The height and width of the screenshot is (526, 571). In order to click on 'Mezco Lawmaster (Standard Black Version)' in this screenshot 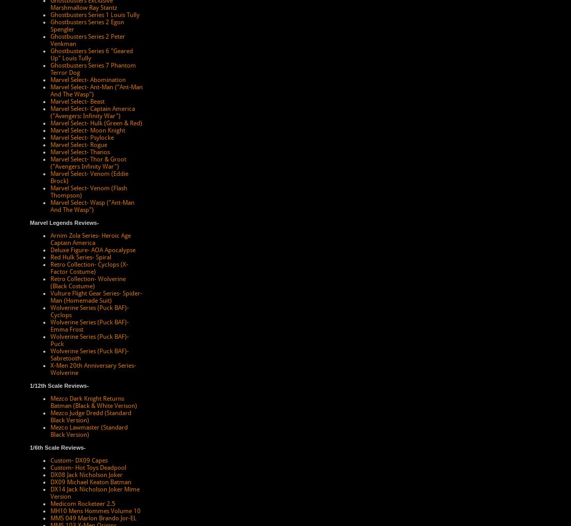, I will do `click(88, 431)`.